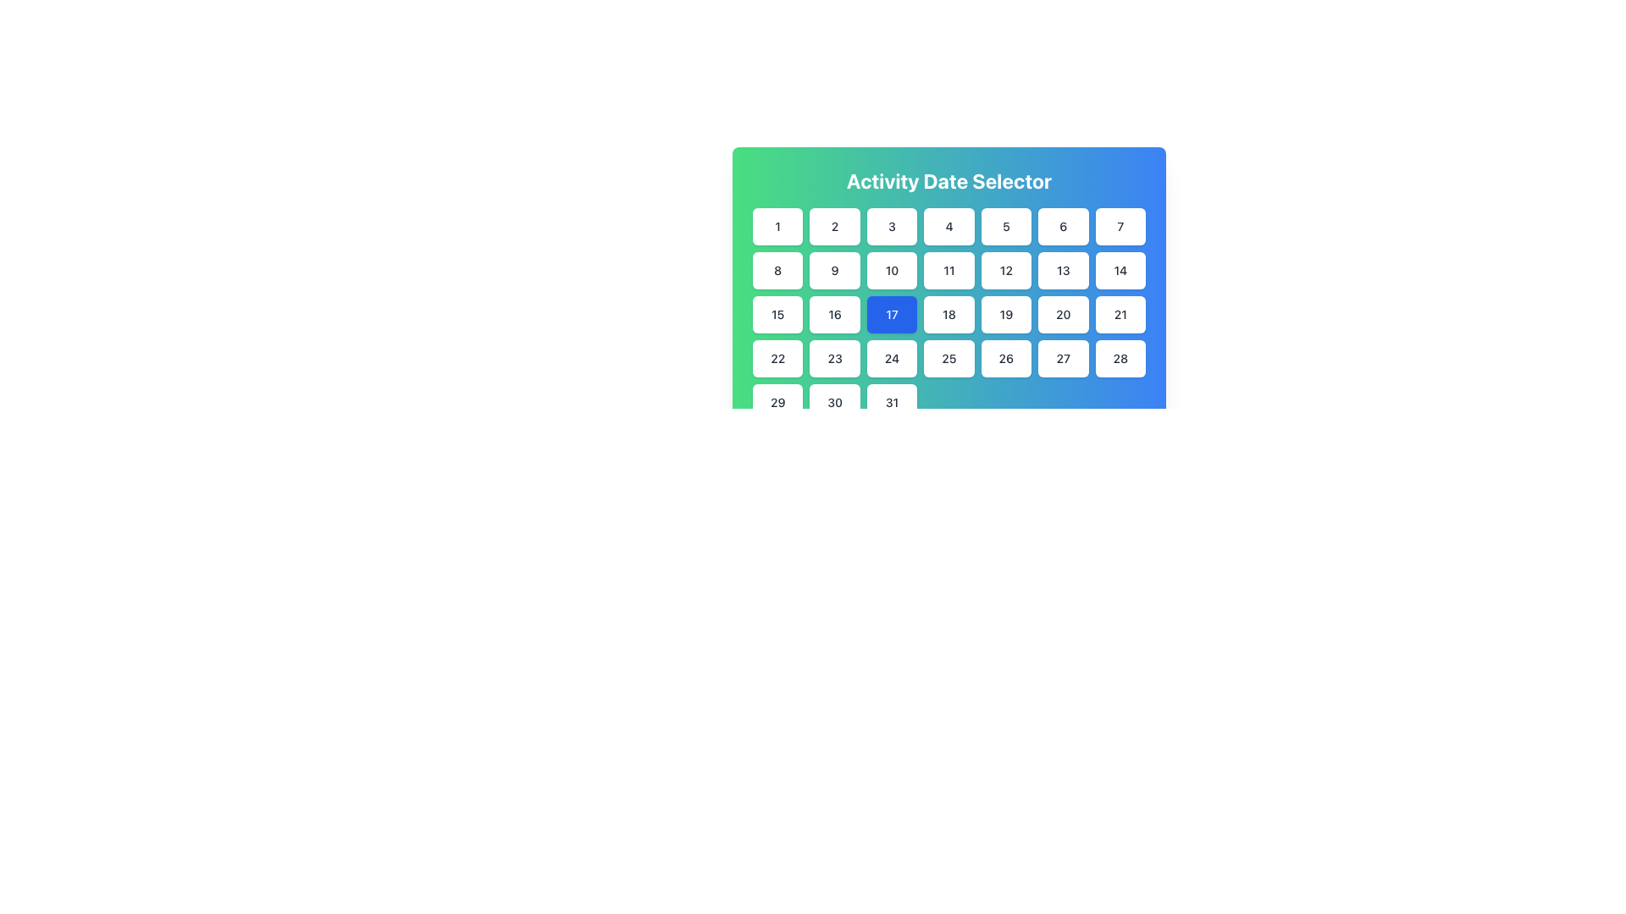  Describe the element at coordinates (1006, 270) in the screenshot. I see `the calendar button representing the 12th day of the month` at that location.